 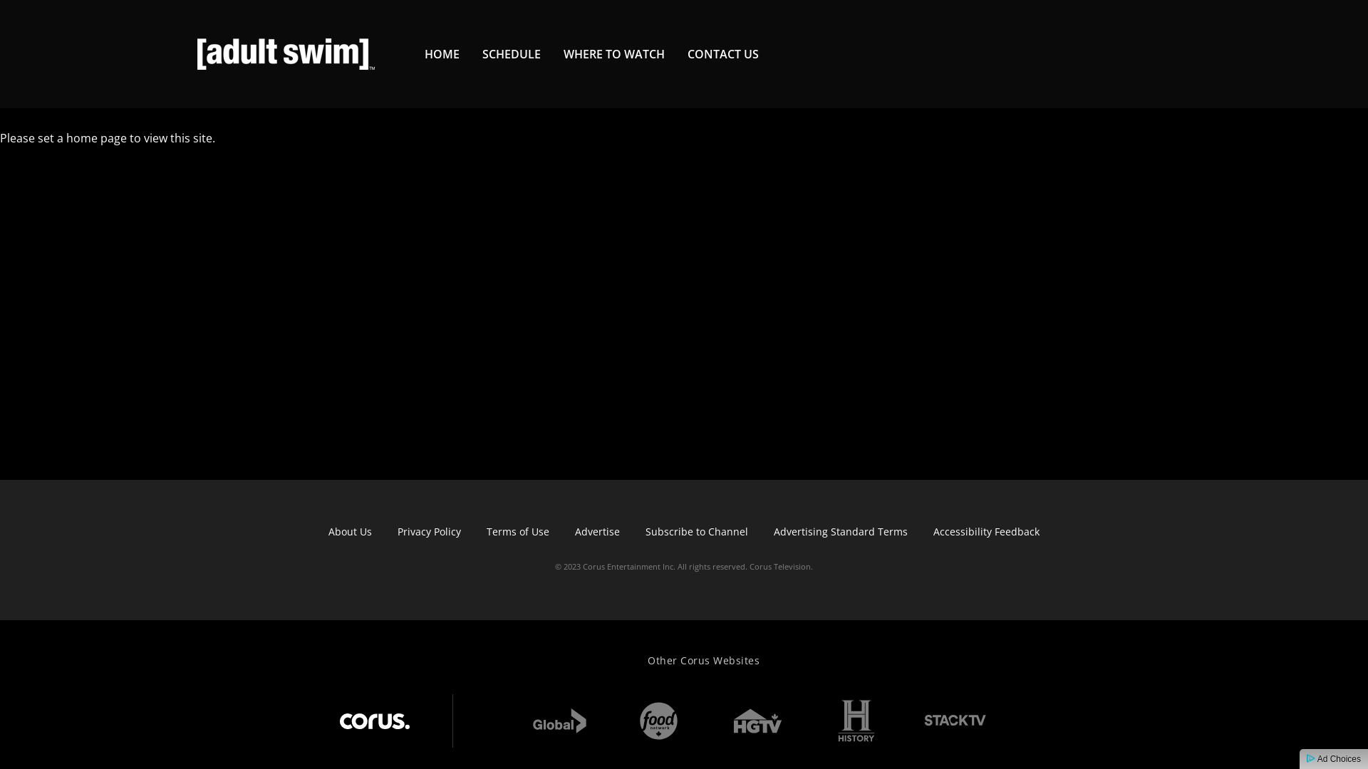 I want to click on 'Advertising Standard Terms', so click(x=841, y=530).